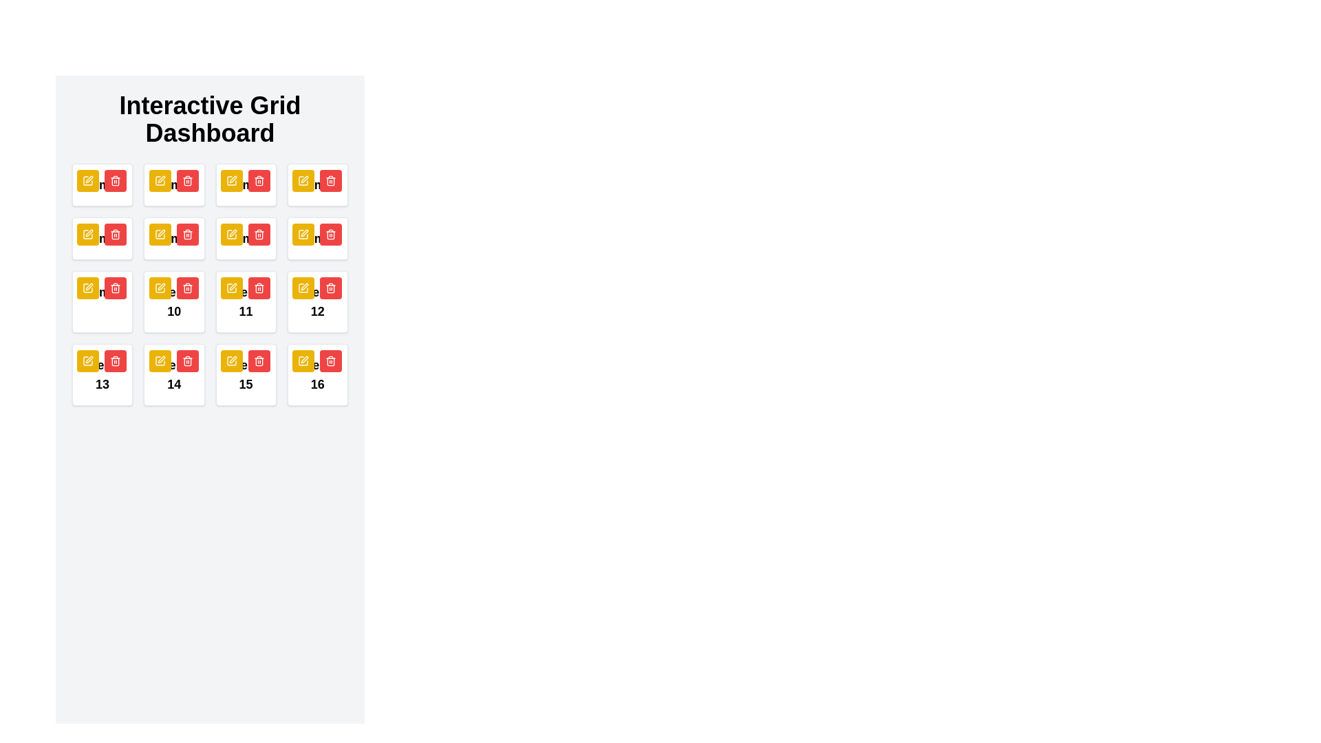  Describe the element at coordinates (246, 374) in the screenshot. I see `the static text component displaying 'Item 15', which is a large, bold text located centrally in the bottom row of the grid` at that location.